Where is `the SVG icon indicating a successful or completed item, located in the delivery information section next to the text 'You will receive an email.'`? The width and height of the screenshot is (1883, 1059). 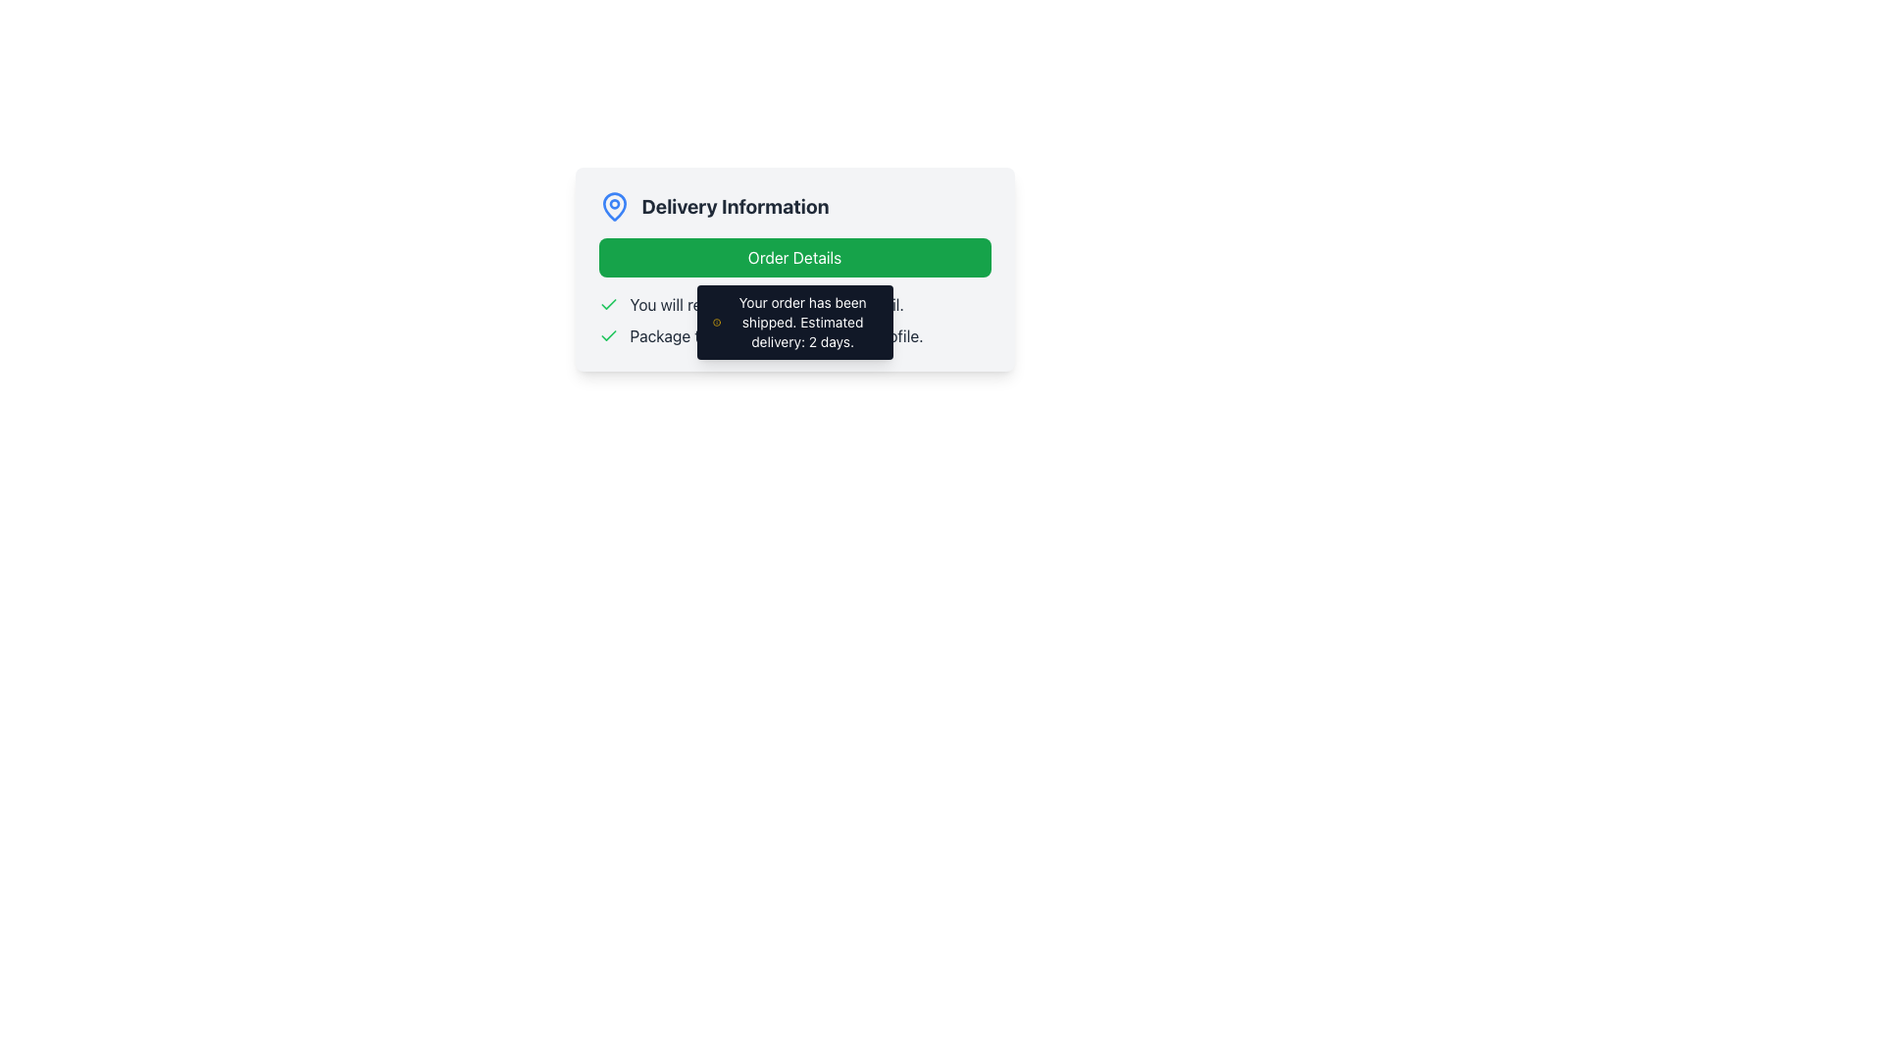
the SVG icon indicating a successful or completed item, located in the delivery information section next to the text 'You will receive an email.' is located at coordinates (607, 334).